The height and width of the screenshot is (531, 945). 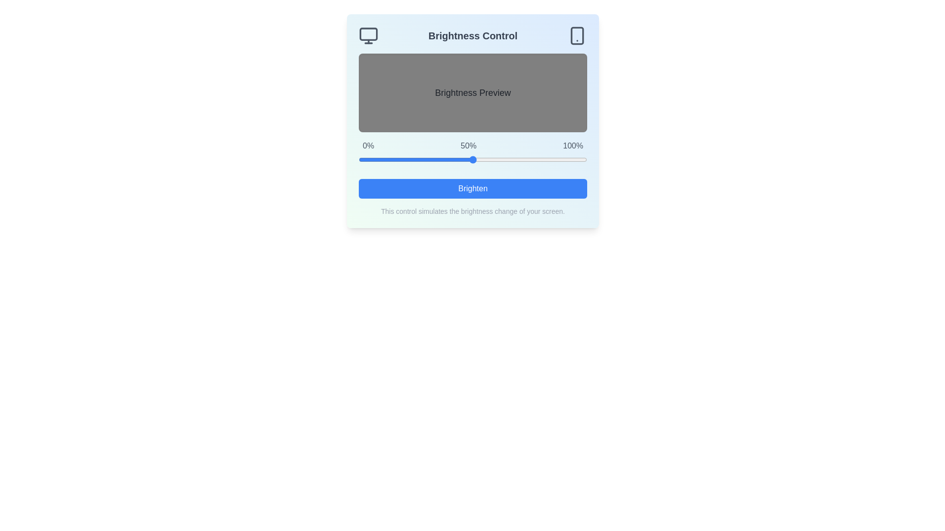 What do you see at coordinates (472, 189) in the screenshot?
I see `'Brighten' button to toggle brightness` at bounding box center [472, 189].